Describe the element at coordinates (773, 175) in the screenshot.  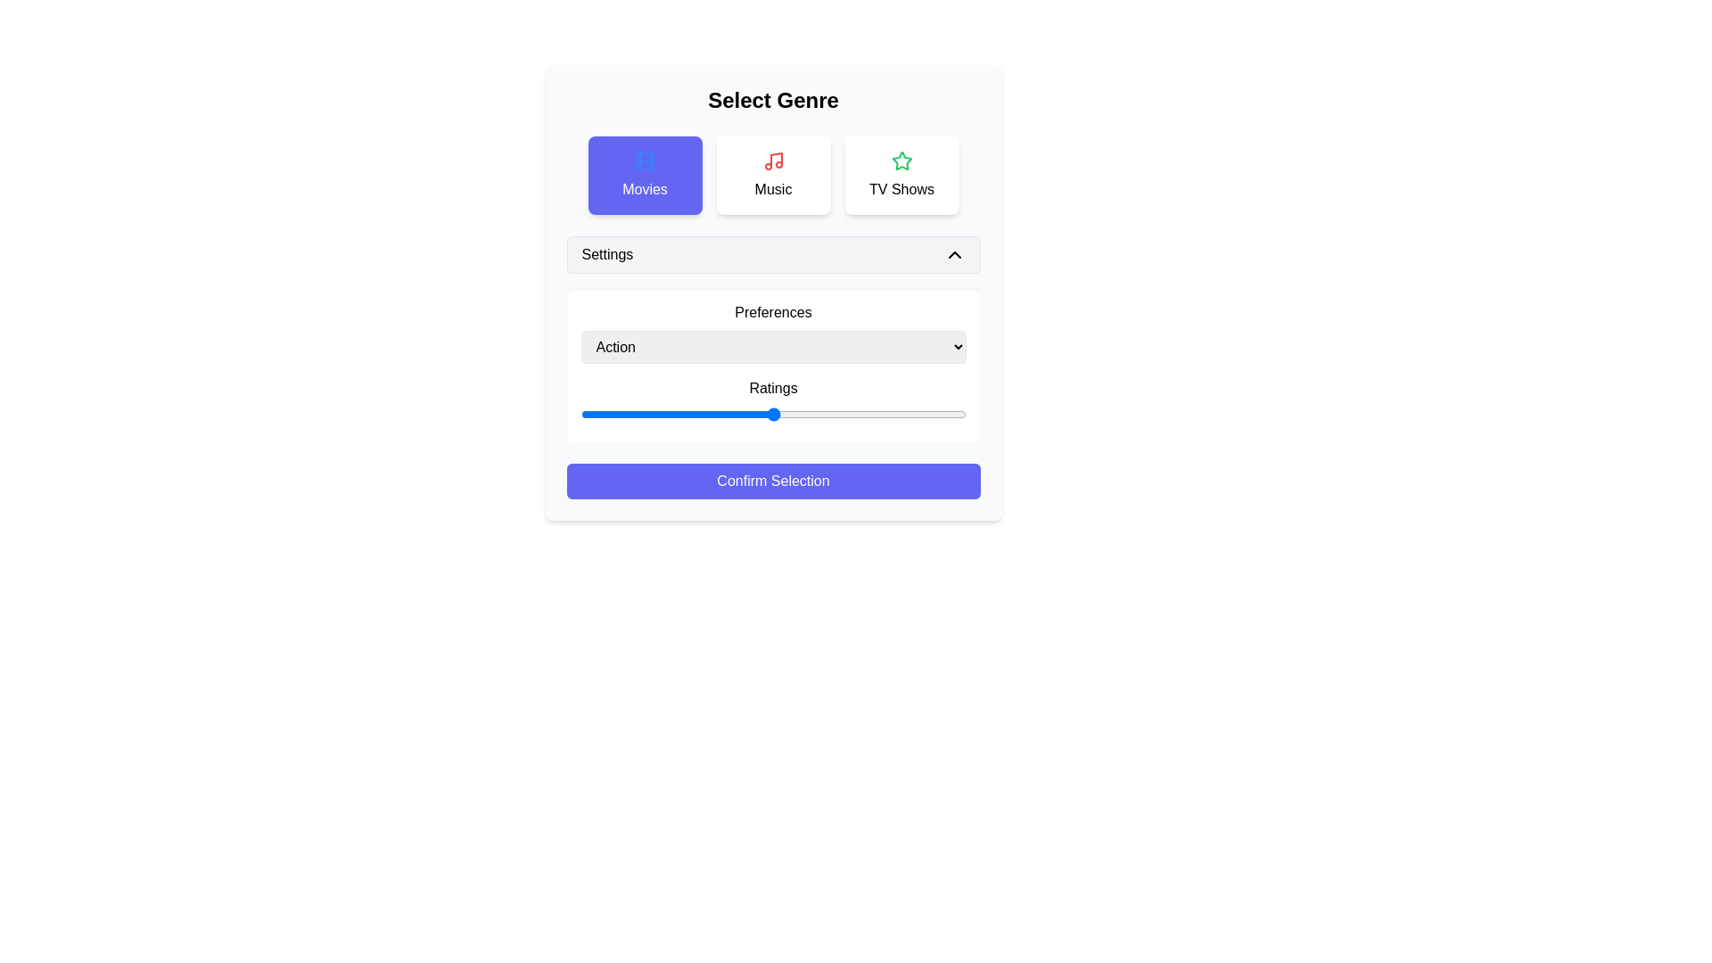
I see `the 'Music' category selectable button located between the 'Movies' button and the 'TV Shows' button at the top center of the interface` at that location.